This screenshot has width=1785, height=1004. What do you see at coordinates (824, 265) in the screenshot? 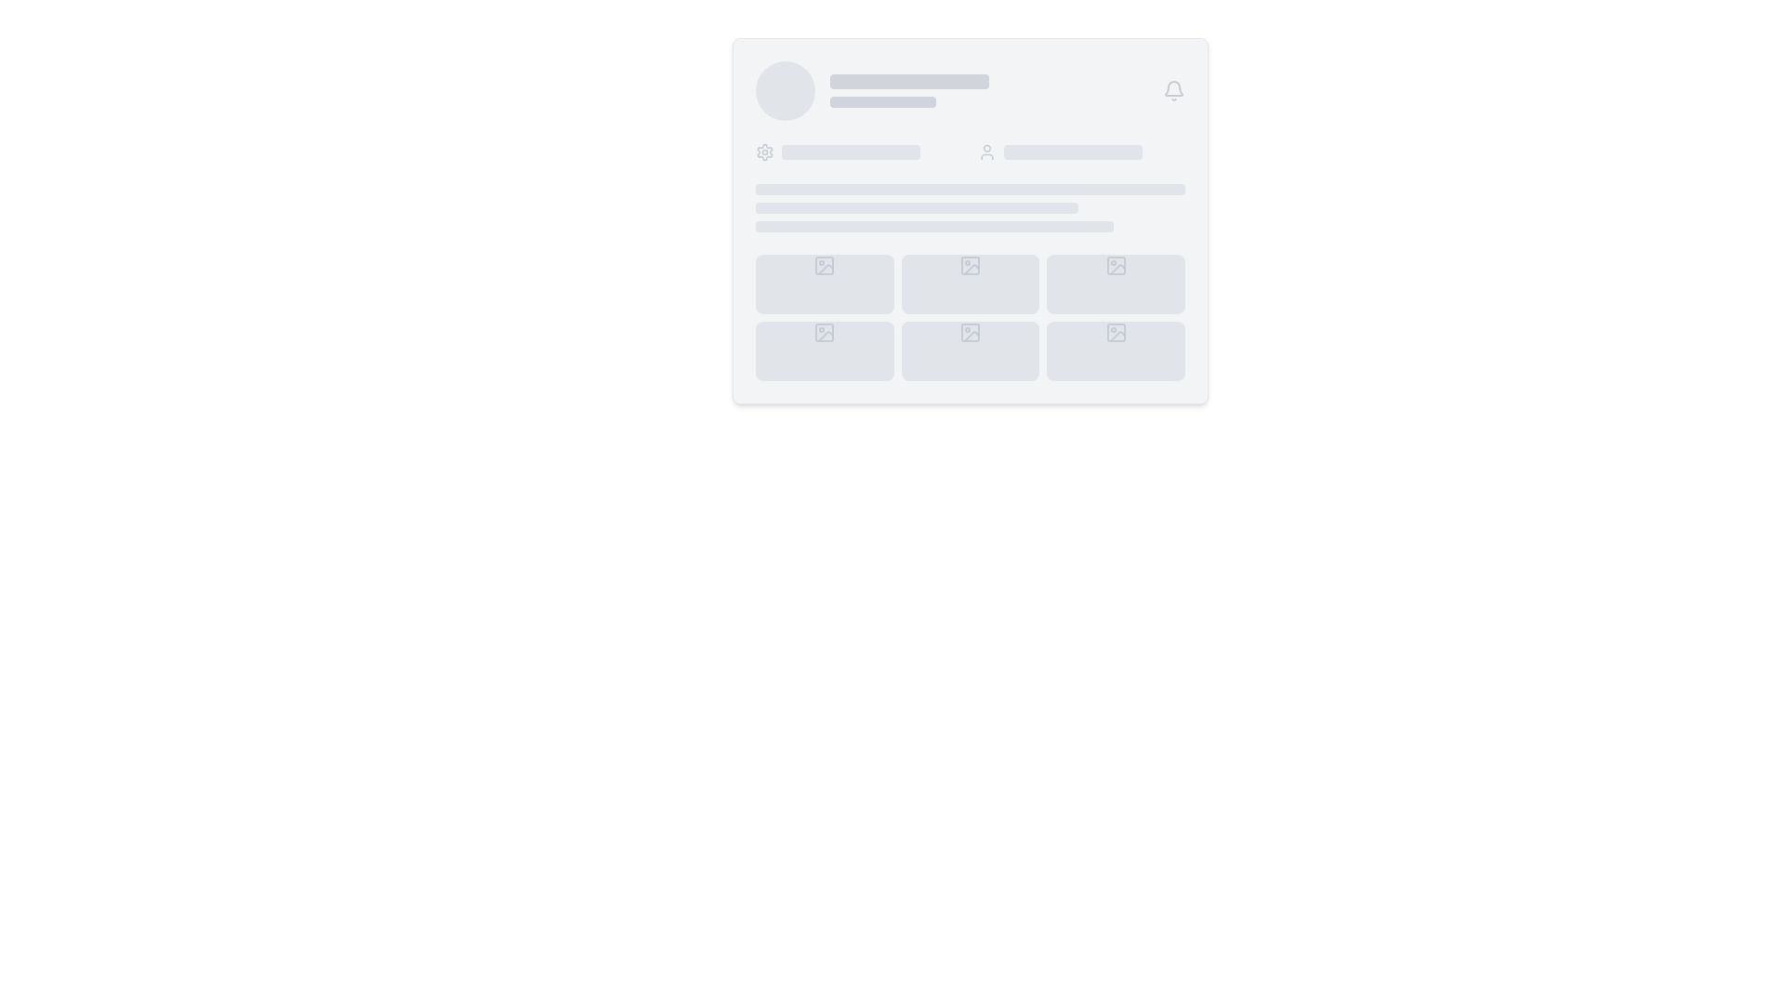
I see `the first row, first column placeholder or preview box to interact with it` at bounding box center [824, 265].